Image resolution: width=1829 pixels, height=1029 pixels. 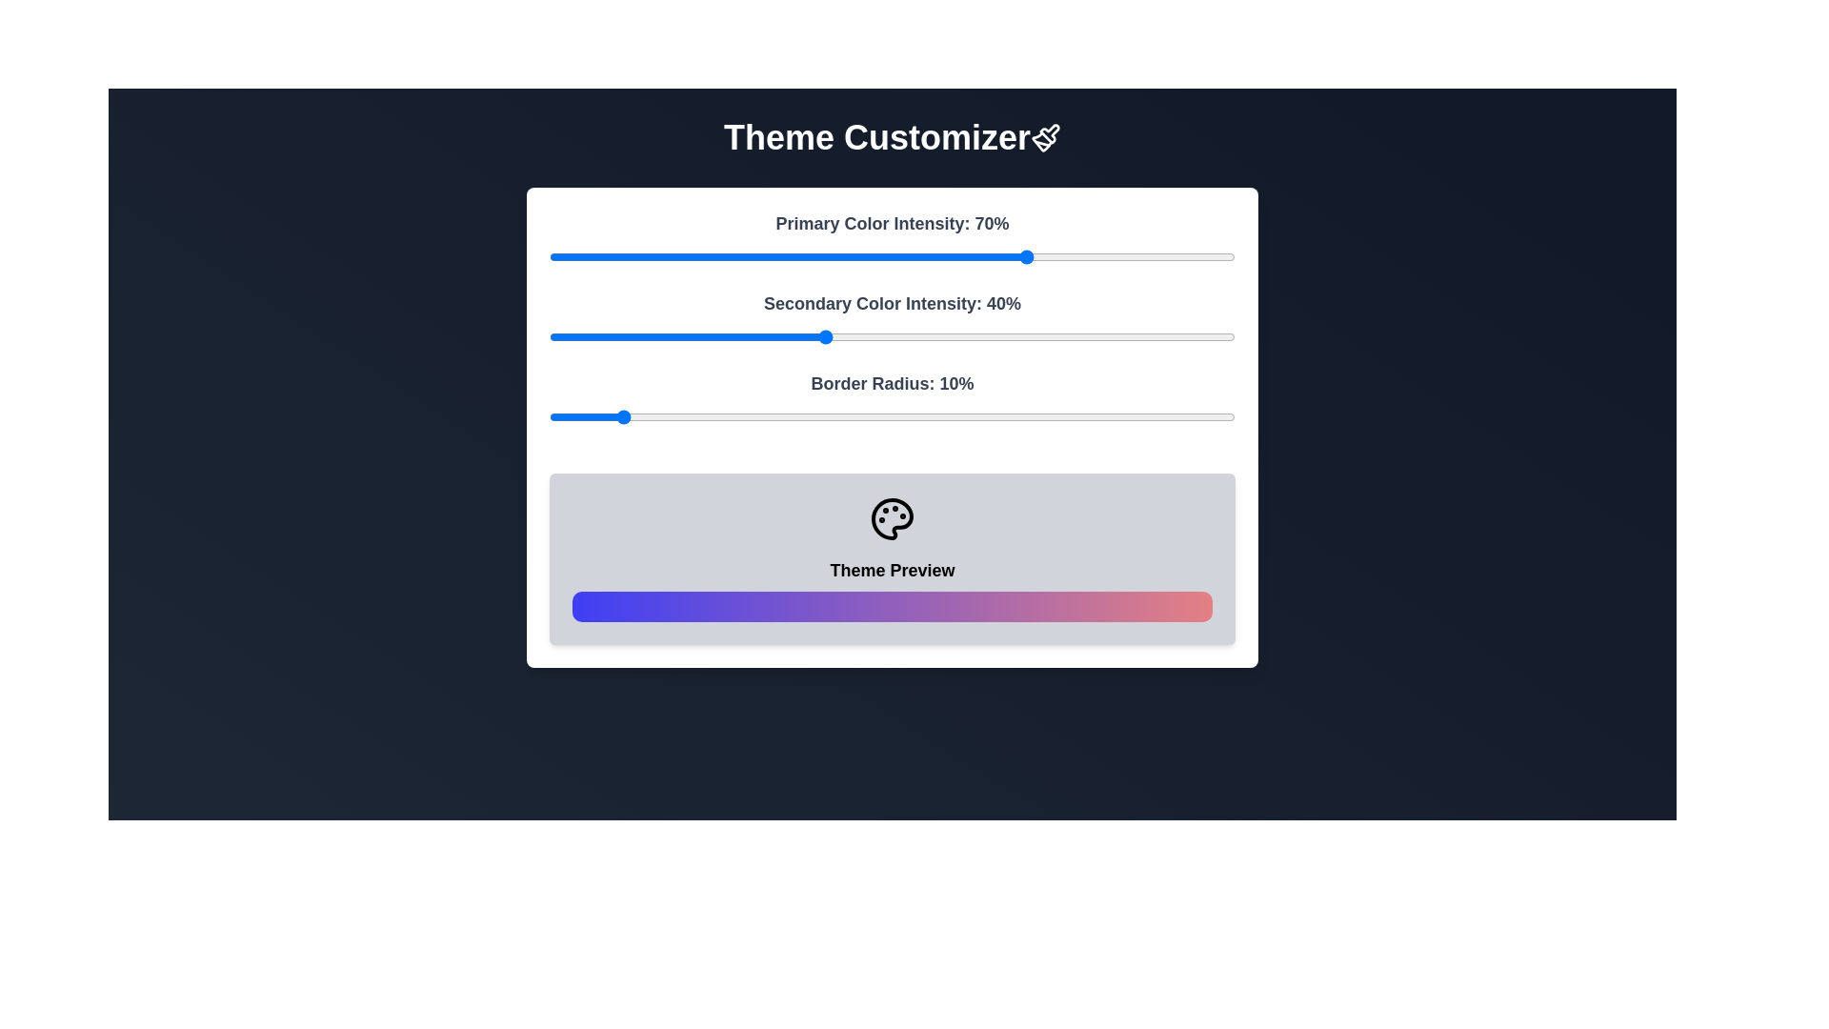 What do you see at coordinates (810, 336) in the screenshot?
I see `the Secondary Color Intensity slider to 38%` at bounding box center [810, 336].